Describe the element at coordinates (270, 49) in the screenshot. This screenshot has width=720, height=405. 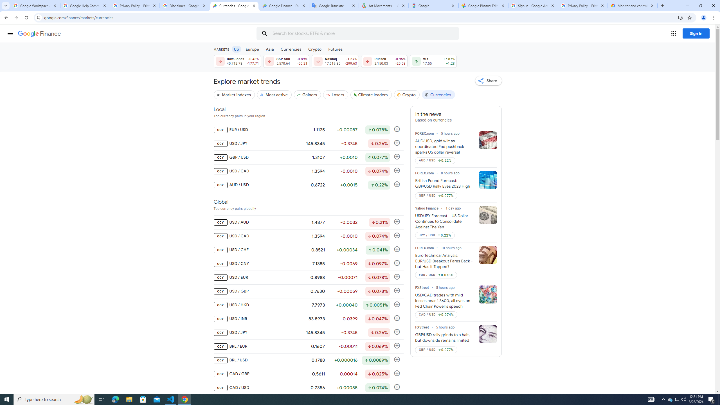
I see `'Asia'` at that location.